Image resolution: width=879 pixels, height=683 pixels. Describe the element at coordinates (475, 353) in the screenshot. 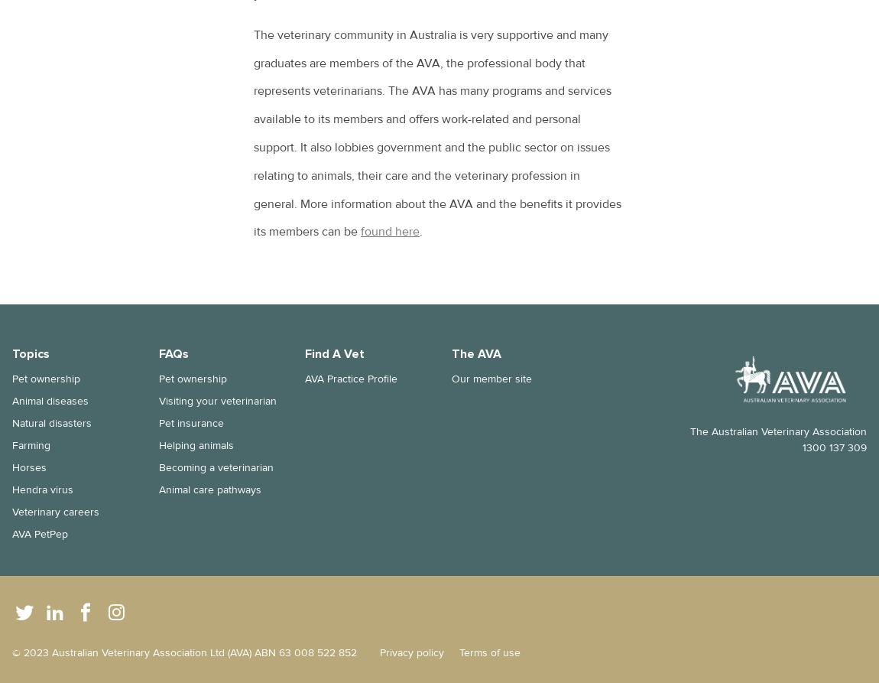

I see `'The AVA'` at that location.